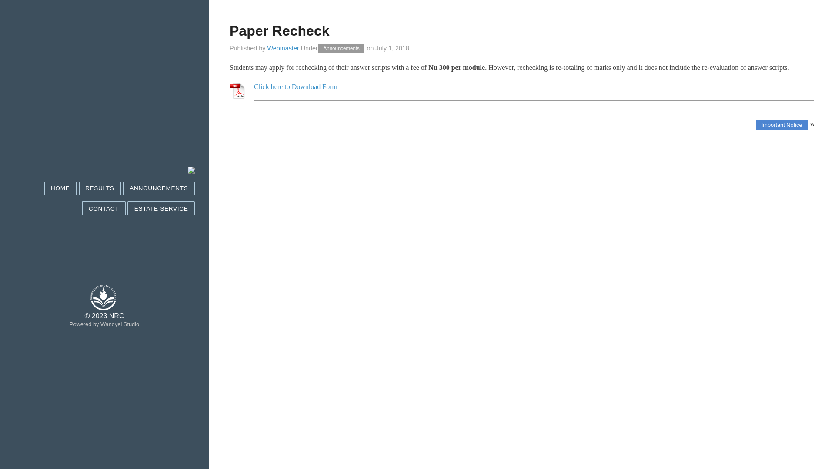 This screenshot has width=835, height=469. What do you see at coordinates (100, 188) in the screenshot?
I see `'RESULTS'` at bounding box center [100, 188].